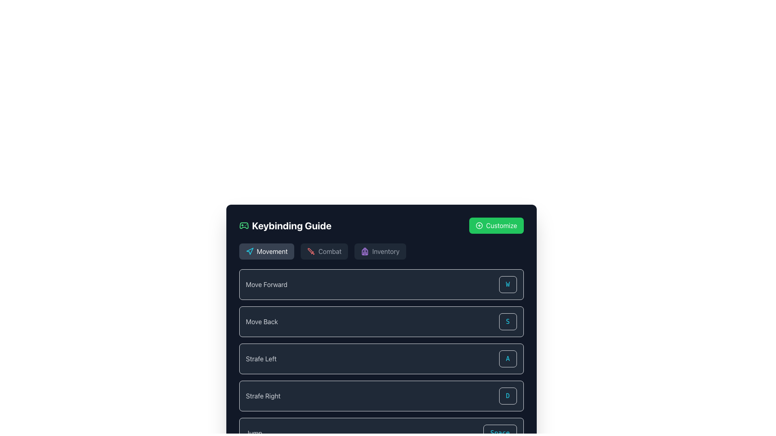  I want to click on the 'Movement' icon located on the left side of the text 'Movement' within the button at the top of the main interface, so click(249, 251).